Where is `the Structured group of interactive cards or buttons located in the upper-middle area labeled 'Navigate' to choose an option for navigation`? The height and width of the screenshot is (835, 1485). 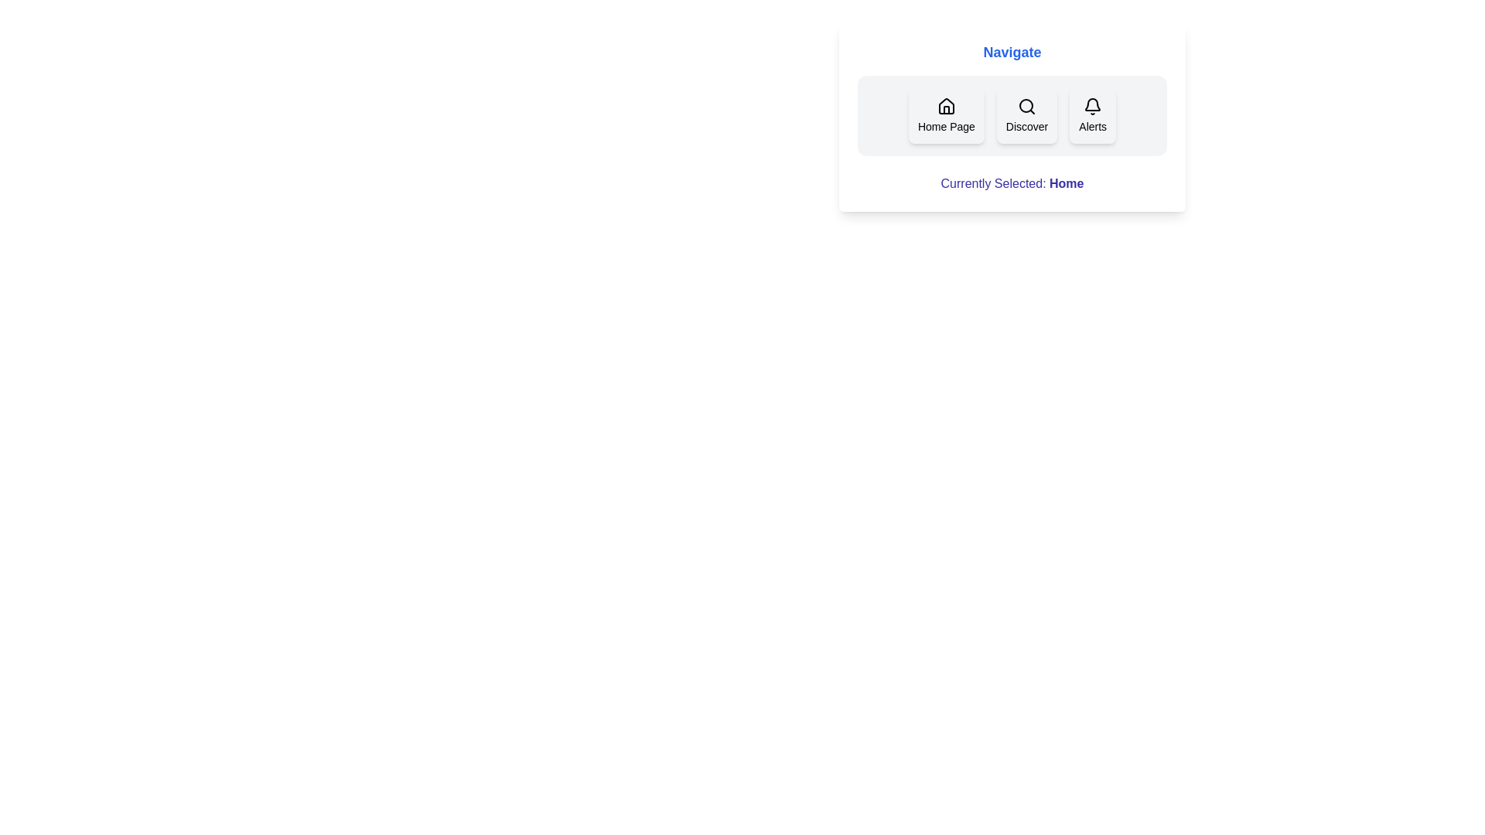 the Structured group of interactive cards or buttons located in the upper-middle area labeled 'Navigate' to choose an option for navigation is located at coordinates (1012, 116).